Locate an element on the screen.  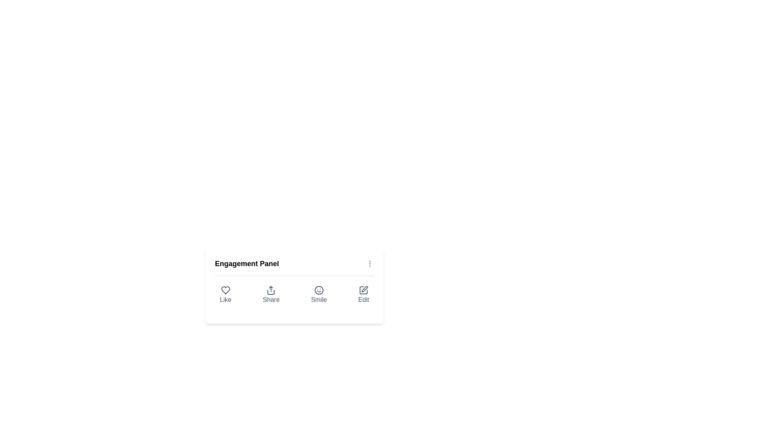
the 'Share' button located in the Engagement Panel to initiate content sharing is located at coordinates (271, 300).